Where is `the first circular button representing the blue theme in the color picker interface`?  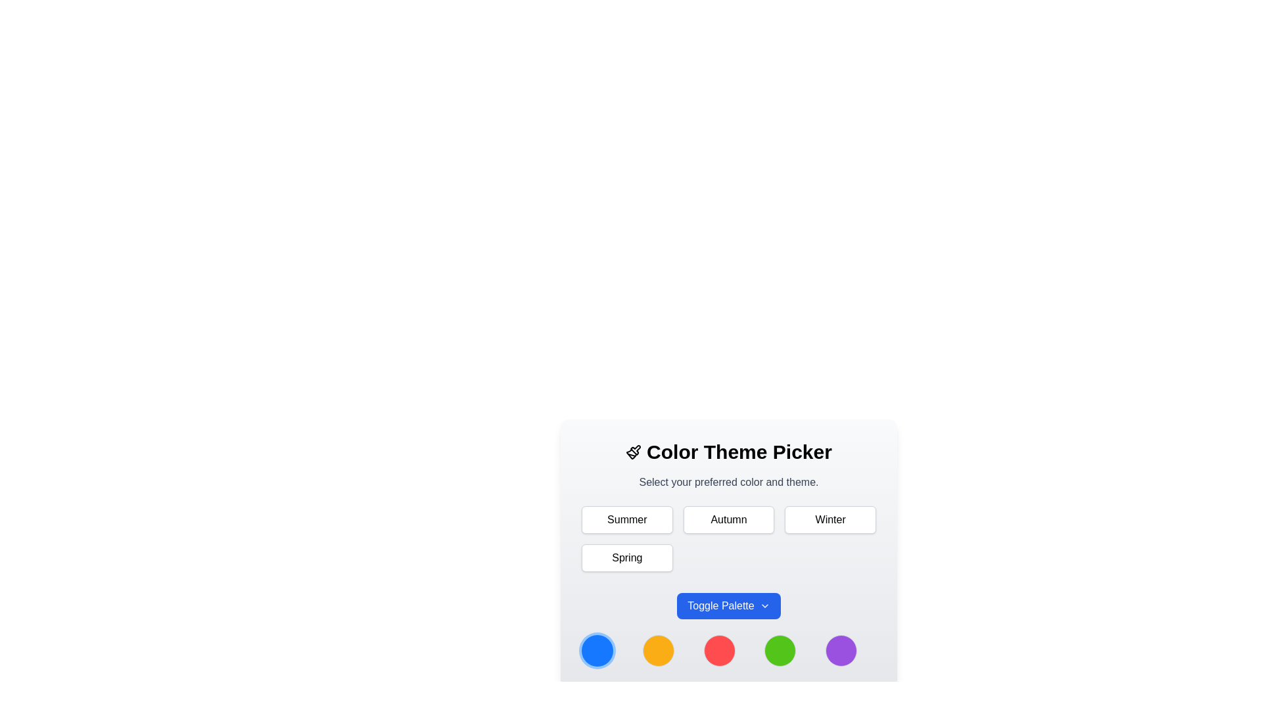 the first circular button representing the blue theme in the color picker interface is located at coordinates (596, 651).